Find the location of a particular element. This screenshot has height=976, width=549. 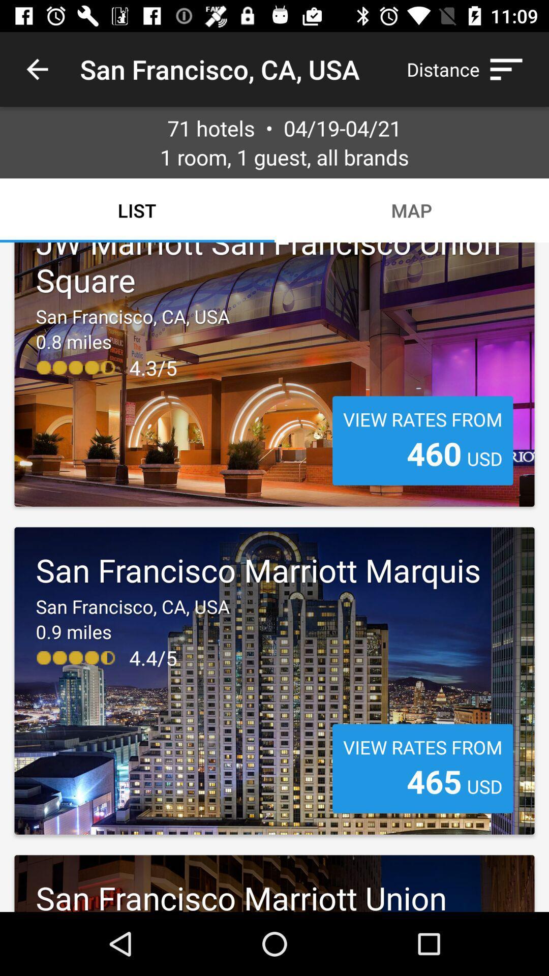

the icon to the right of san francisco ca item is located at coordinates (470, 69).